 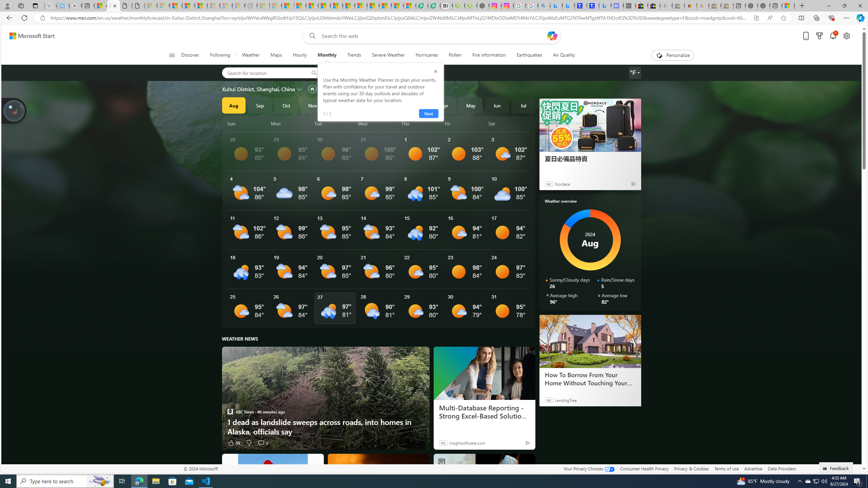 I want to click on 'Mon', so click(x=292, y=123).